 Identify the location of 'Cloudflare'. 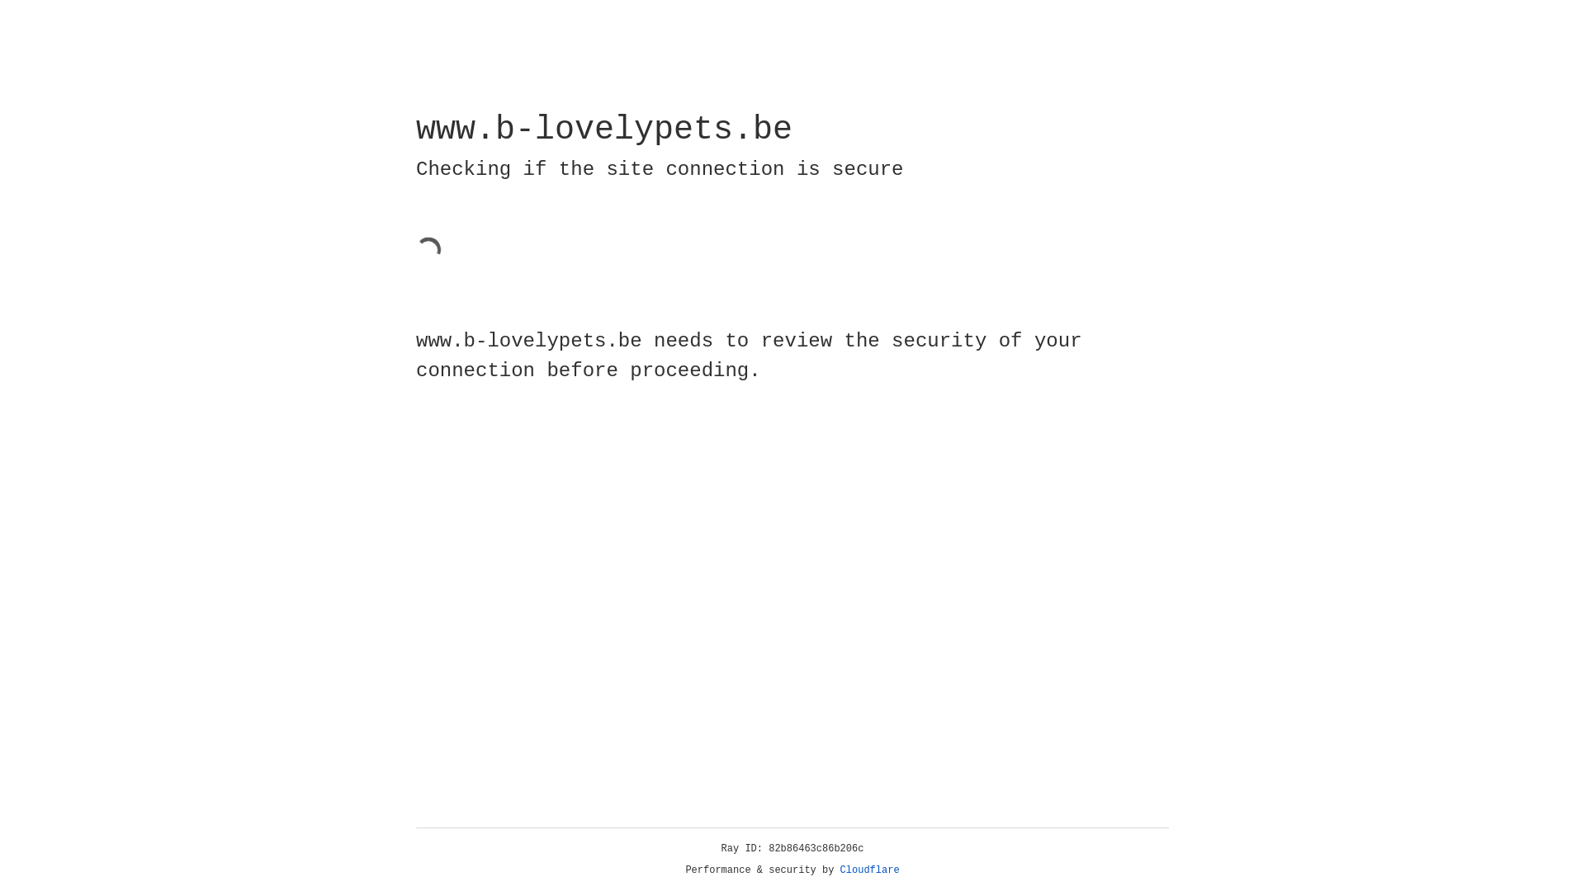
(840, 870).